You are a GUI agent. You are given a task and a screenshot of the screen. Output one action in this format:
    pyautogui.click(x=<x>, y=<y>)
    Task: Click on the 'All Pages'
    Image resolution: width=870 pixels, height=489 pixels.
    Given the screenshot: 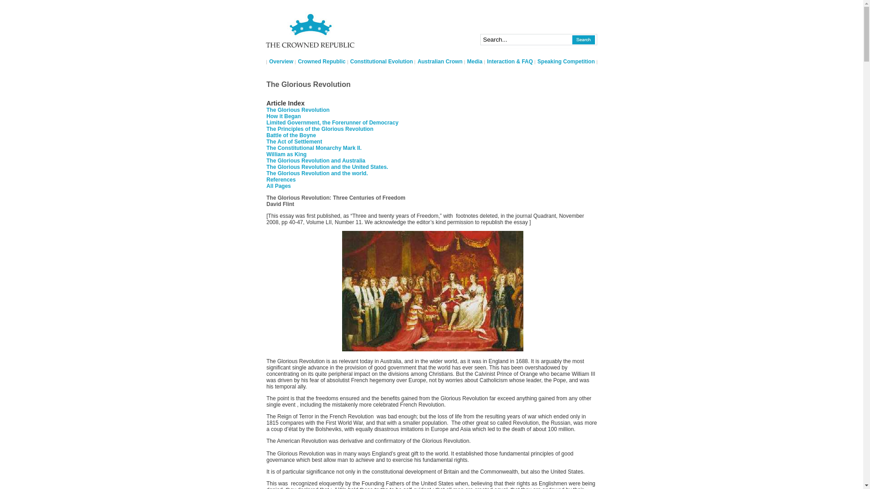 What is the action you would take?
    pyautogui.click(x=278, y=186)
    